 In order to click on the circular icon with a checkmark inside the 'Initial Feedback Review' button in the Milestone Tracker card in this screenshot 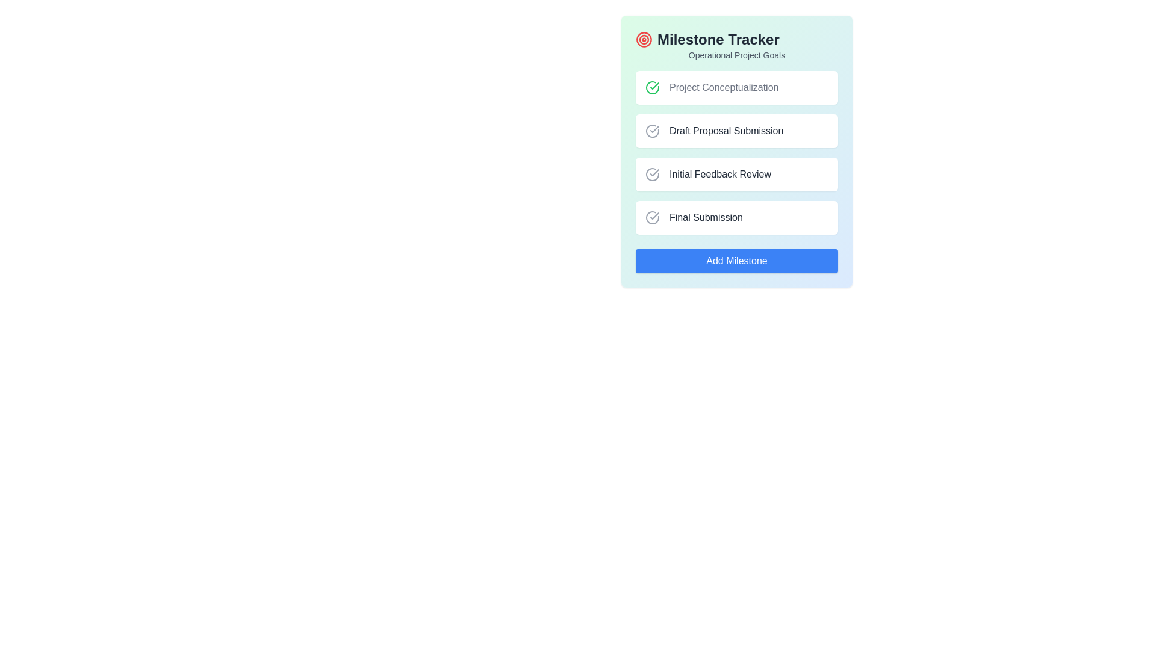, I will do `click(652, 174)`.